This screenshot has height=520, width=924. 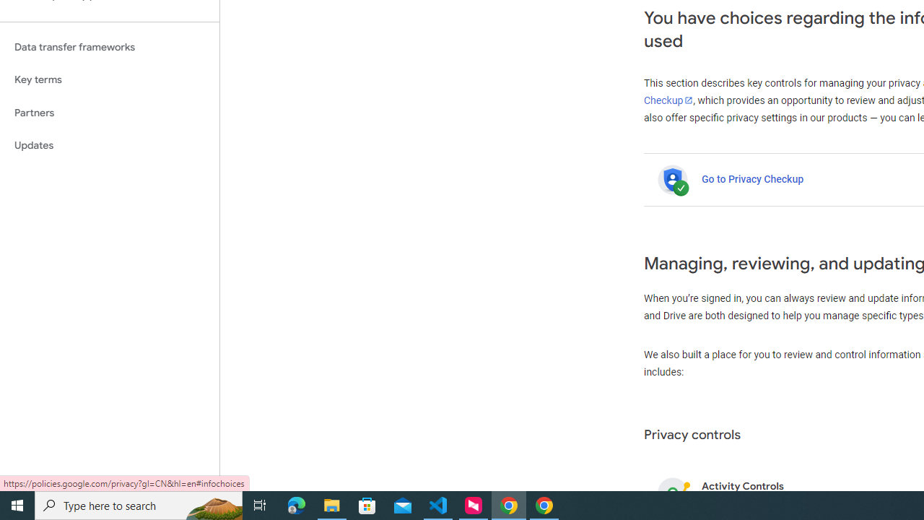 I want to click on 'Go to Privacy Checkup', so click(x=751, y=178).